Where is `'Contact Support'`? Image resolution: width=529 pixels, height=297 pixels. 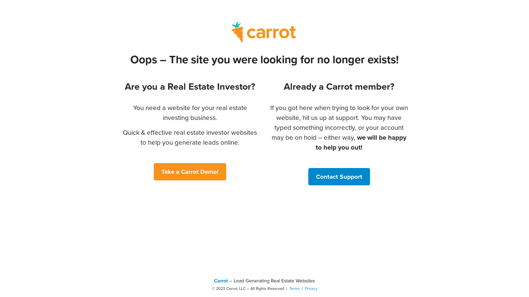 'Contact Support' is located at coordinates (308, 177).